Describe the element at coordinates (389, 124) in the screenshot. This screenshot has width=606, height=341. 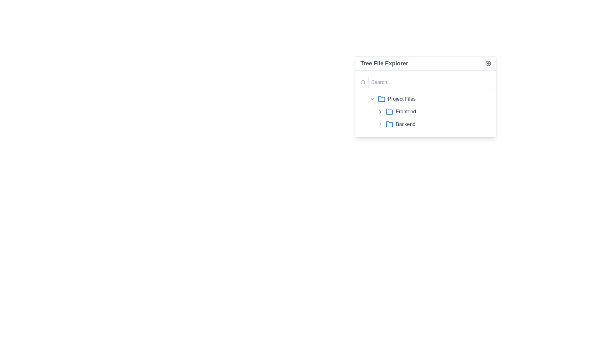
I see `the 'Backend' folder icon in the tree view` at that location.